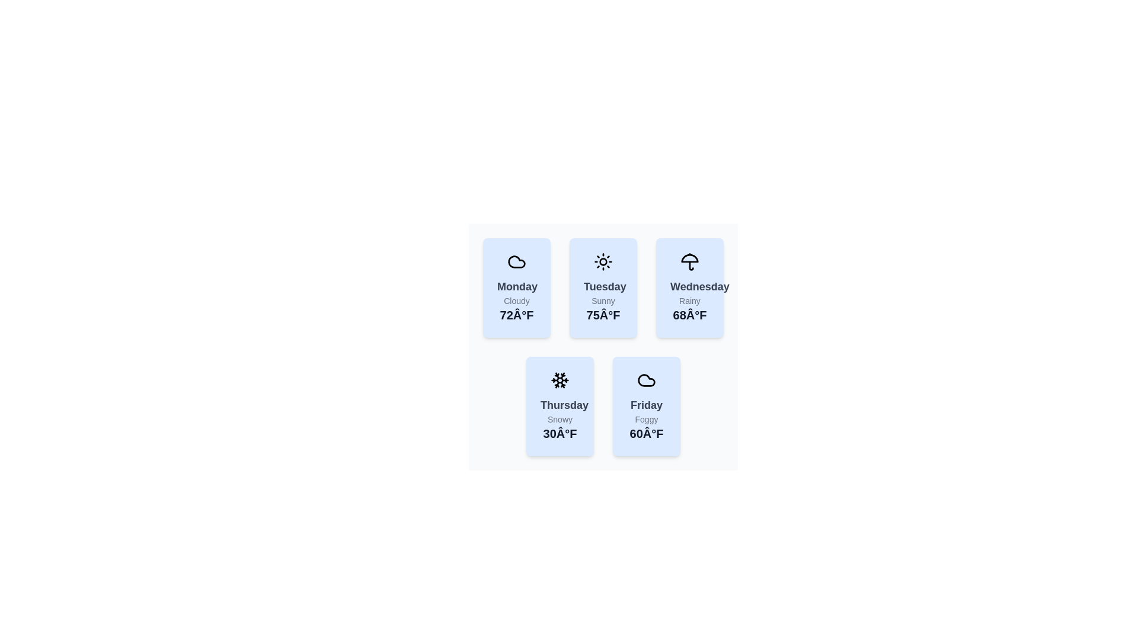 The width and height of the screenshot is (1138, 640). What do you see at coordinates (517, 288) in the screenshot?
I see `the first Informational card` at bounding box center [517, 288].